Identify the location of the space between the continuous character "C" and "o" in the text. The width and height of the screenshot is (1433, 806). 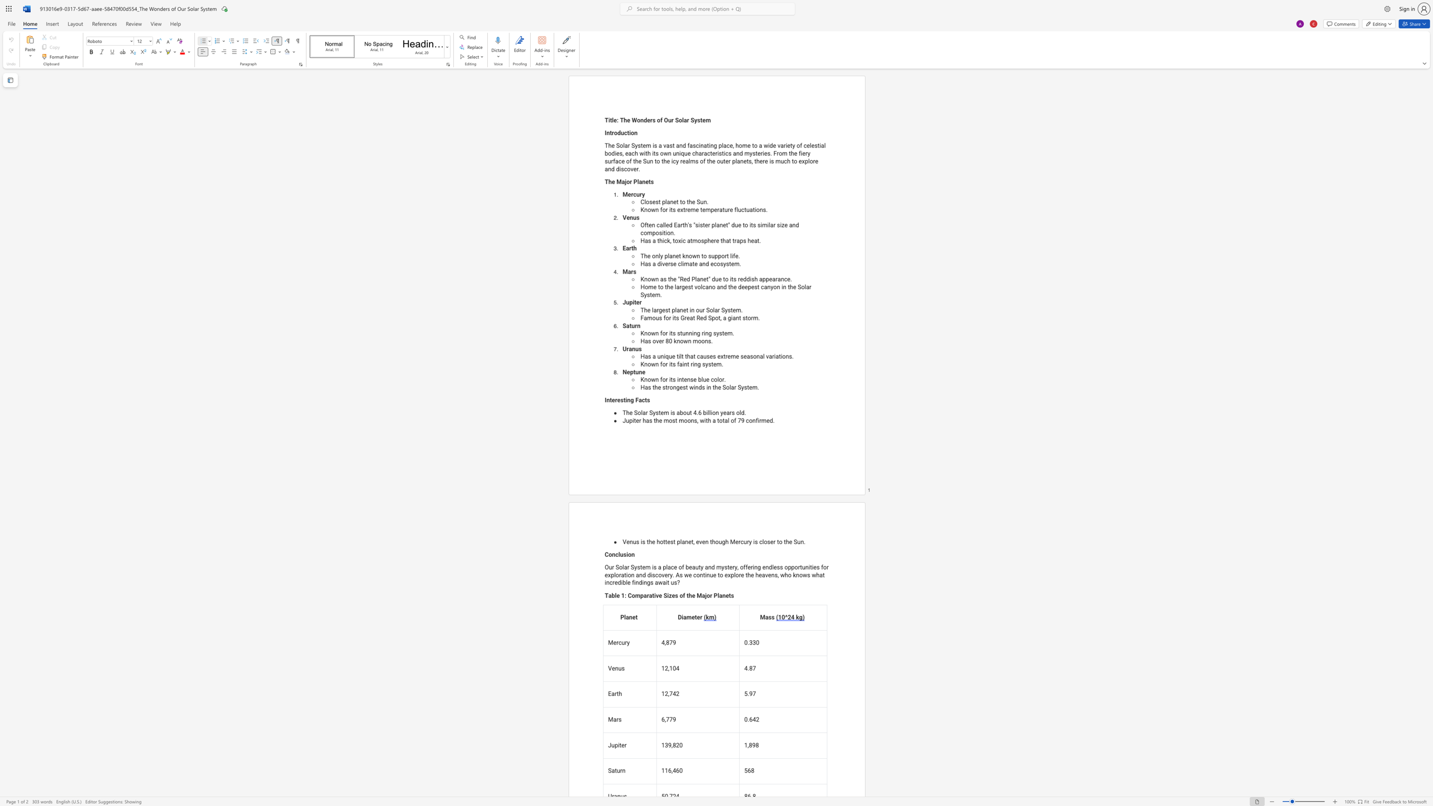
(608, 554).